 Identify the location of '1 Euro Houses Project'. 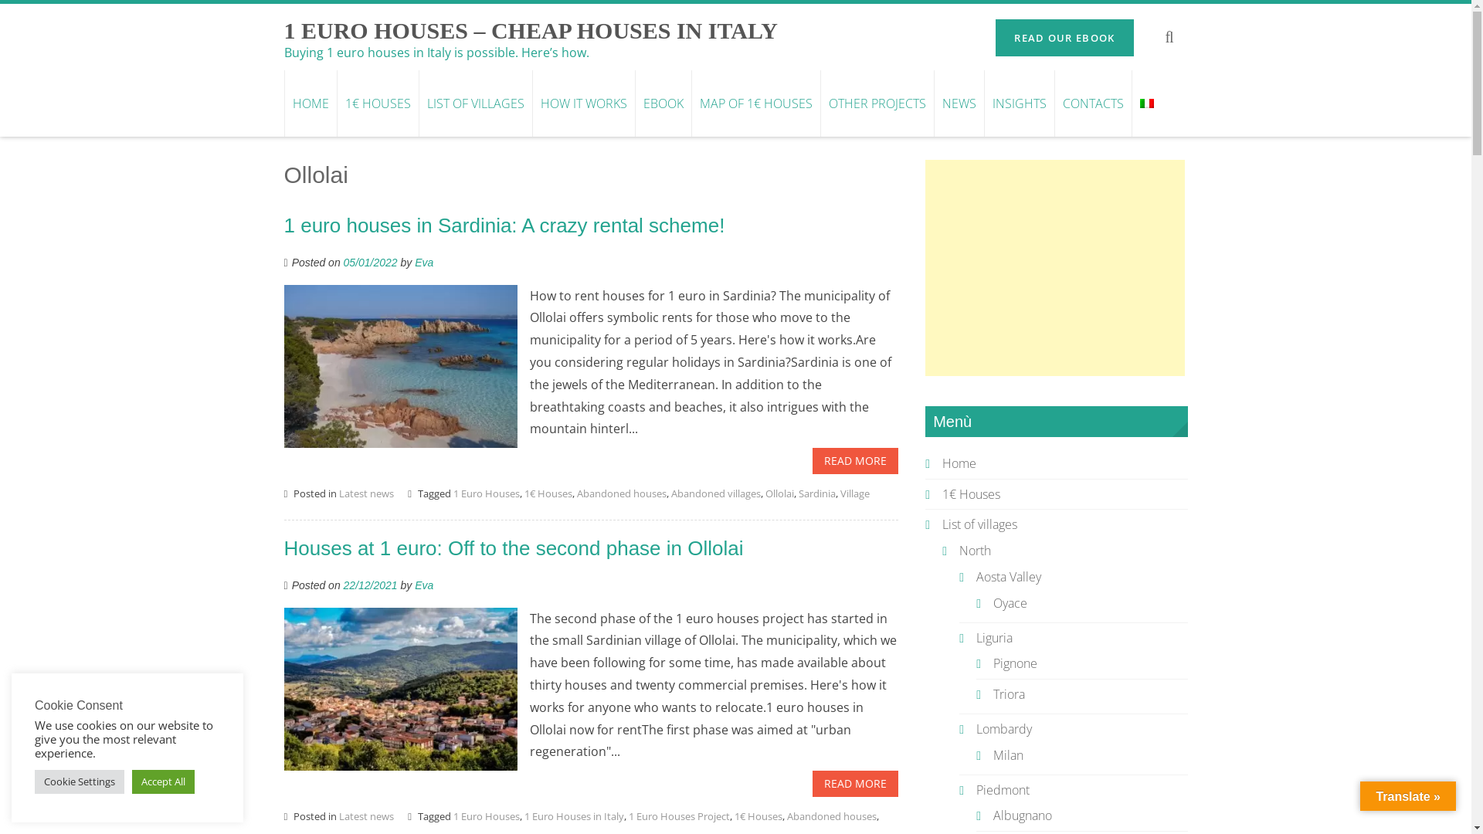
(679, 815).